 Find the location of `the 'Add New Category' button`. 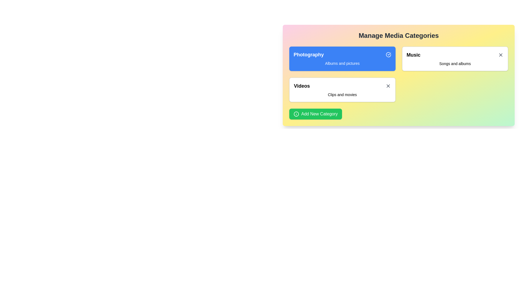

the 'Add New Category' button is located at coordinates (316, 114).